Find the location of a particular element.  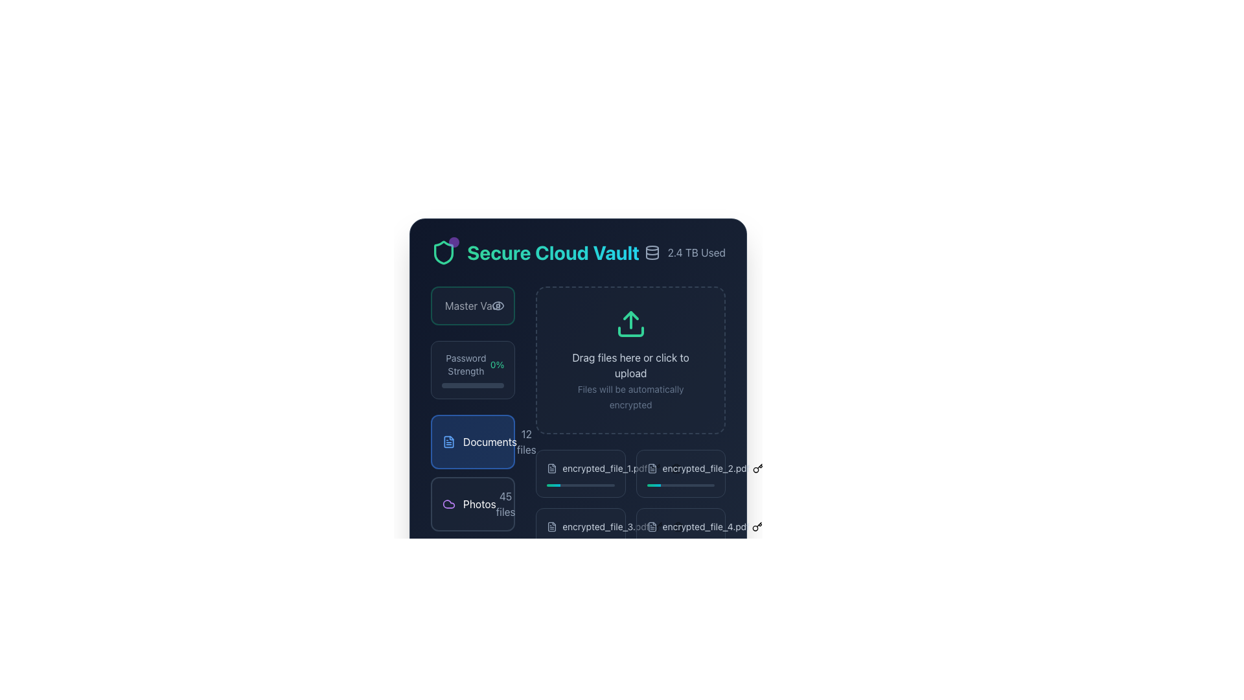

the text label representing the file 'encrypted_file_3.pdf', which is located in the Documents section and positioned between a document icon and 'encrypted_file_4.pdf' is located at coordinates (605, 527).